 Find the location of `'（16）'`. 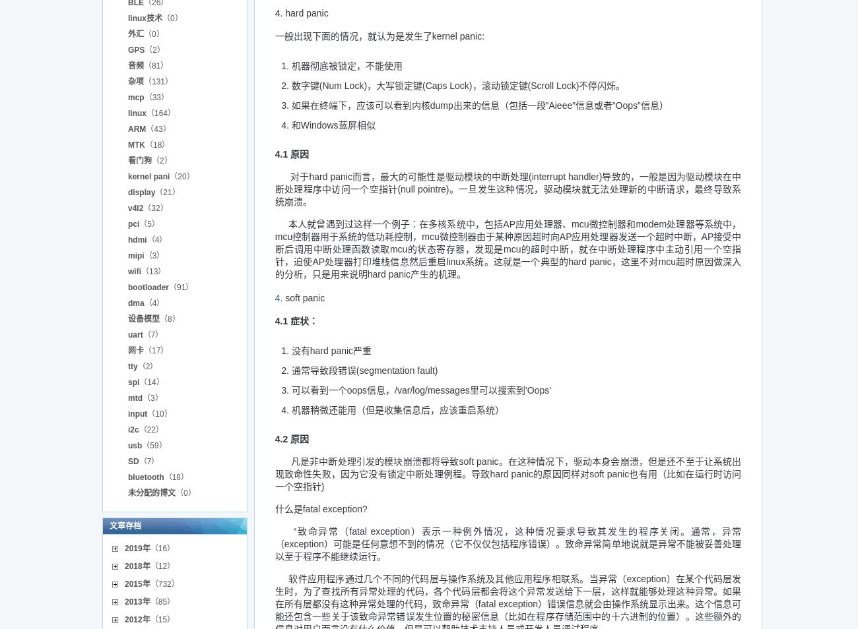

'（16）' is located at coordinates (148, 548).